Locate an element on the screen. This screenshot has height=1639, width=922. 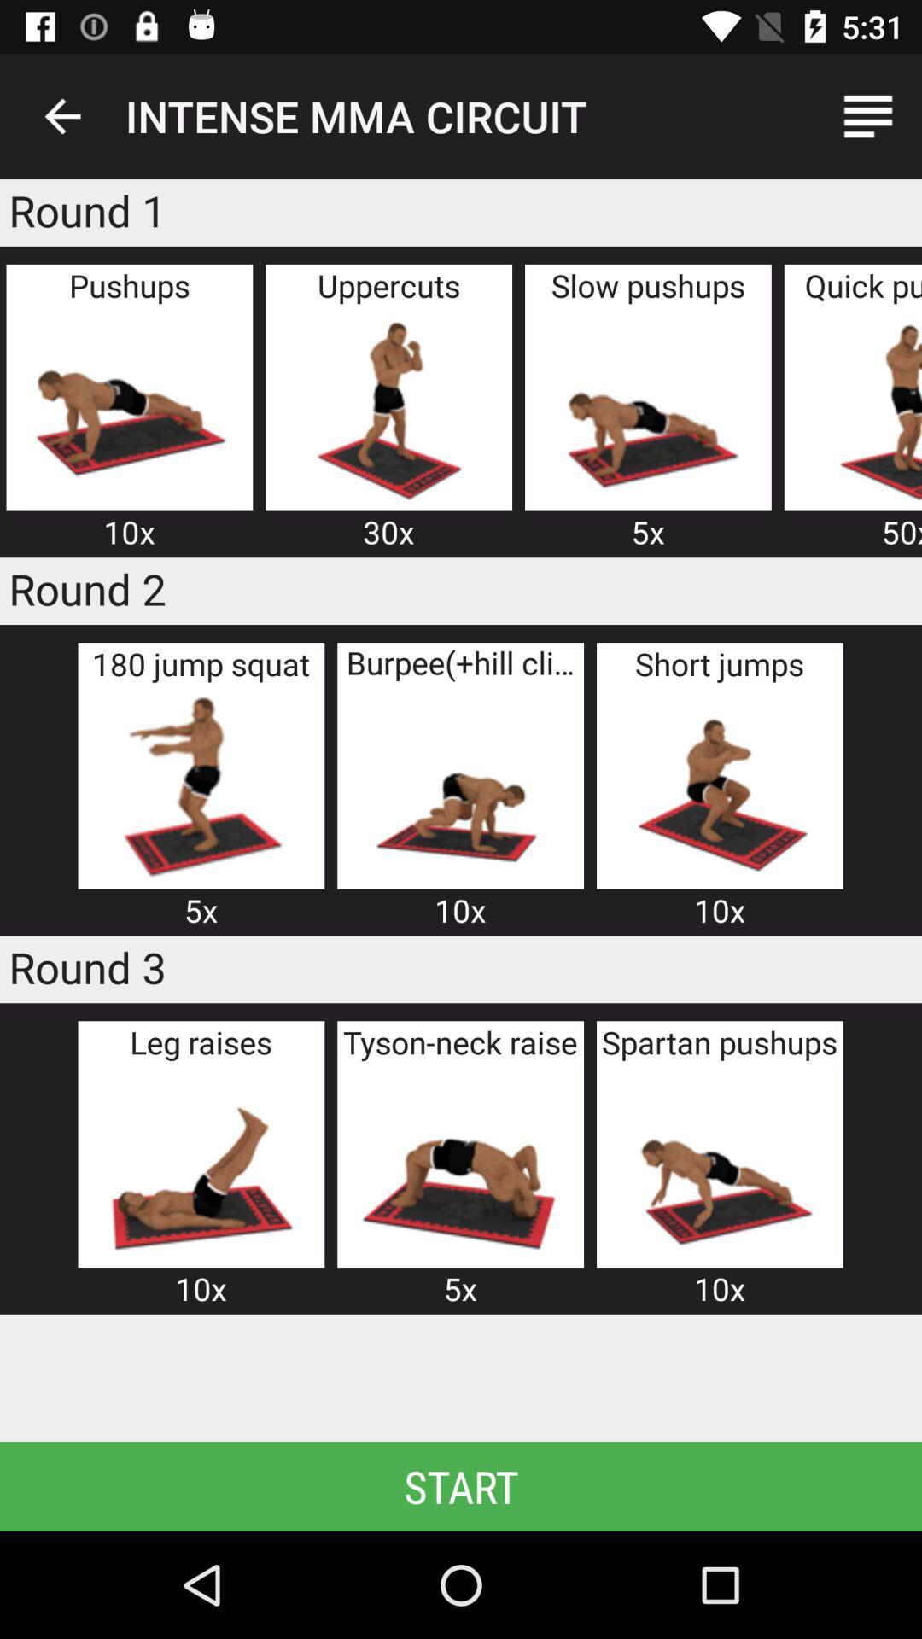
advertisement is located at coordinates (200, 1164).